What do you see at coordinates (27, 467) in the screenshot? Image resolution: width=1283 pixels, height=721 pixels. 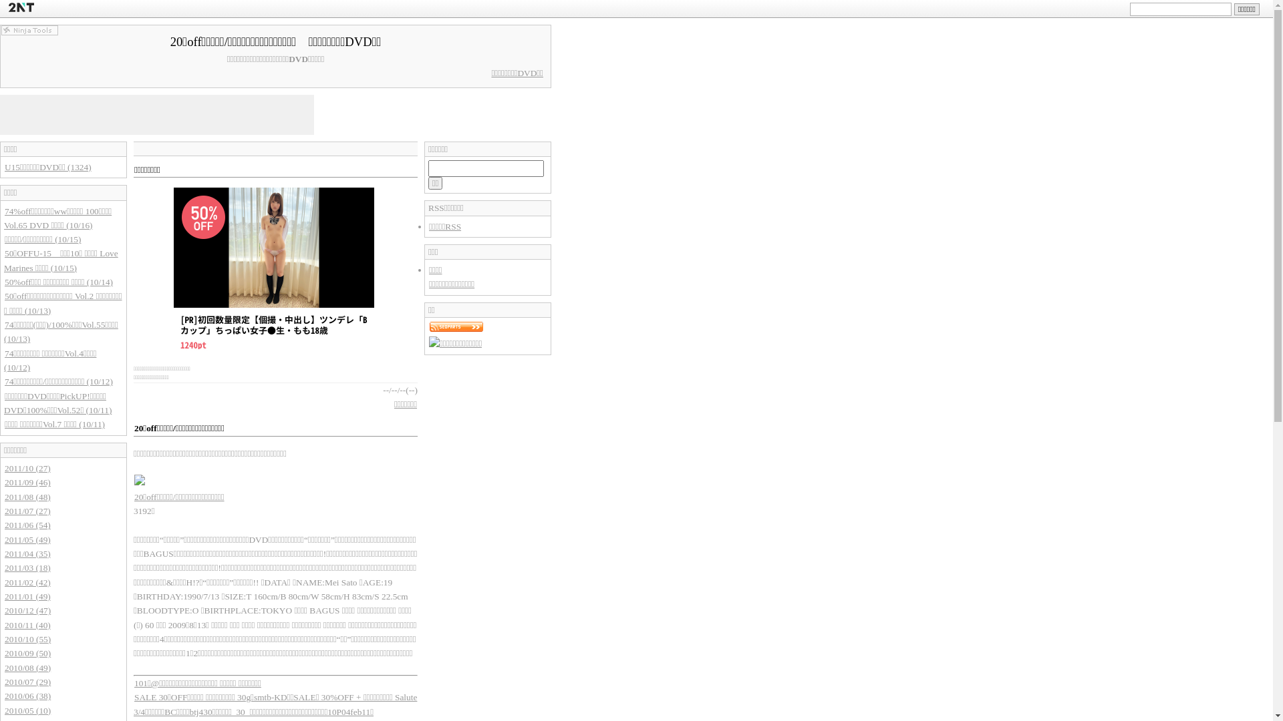 I see `'2011/10 (27)'` at bounding box center [27, 467].